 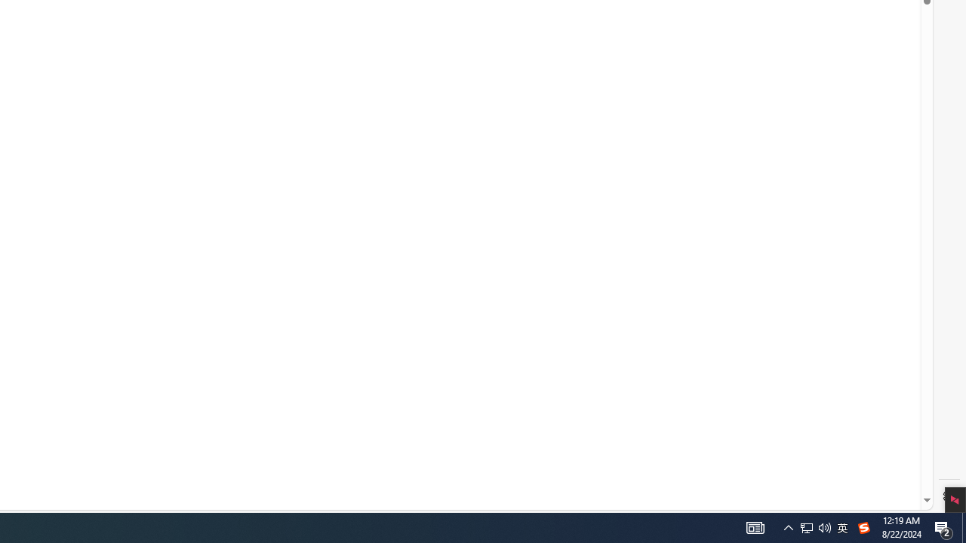 I want to click on 'Settings', so click(x=949, y=496).